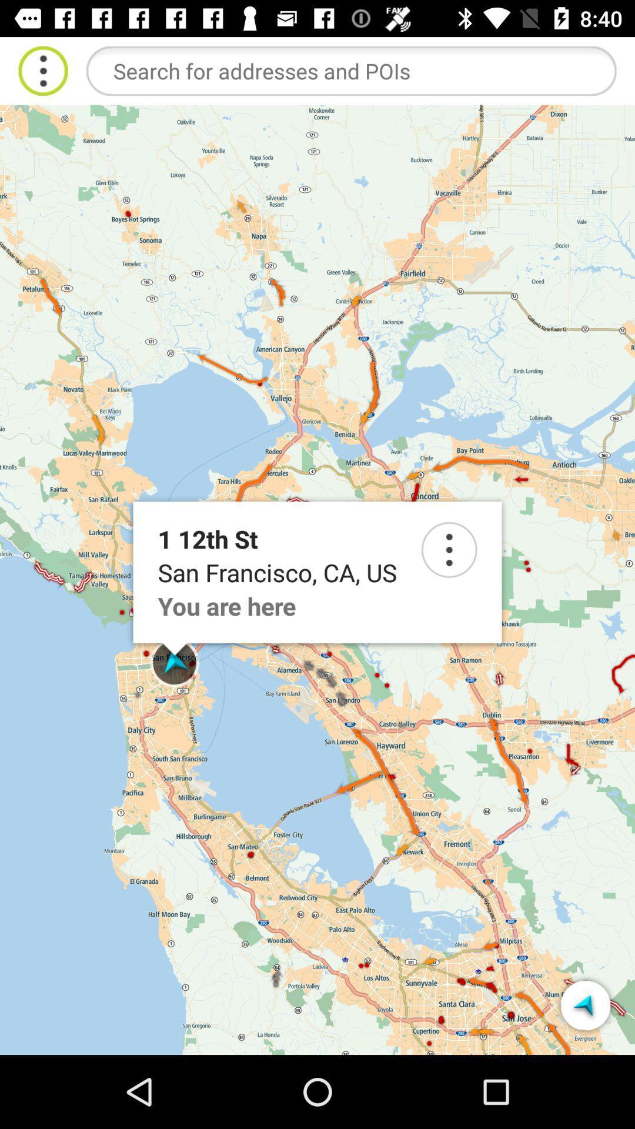  I want to click on search for addresses and pois, so click(350, 70).